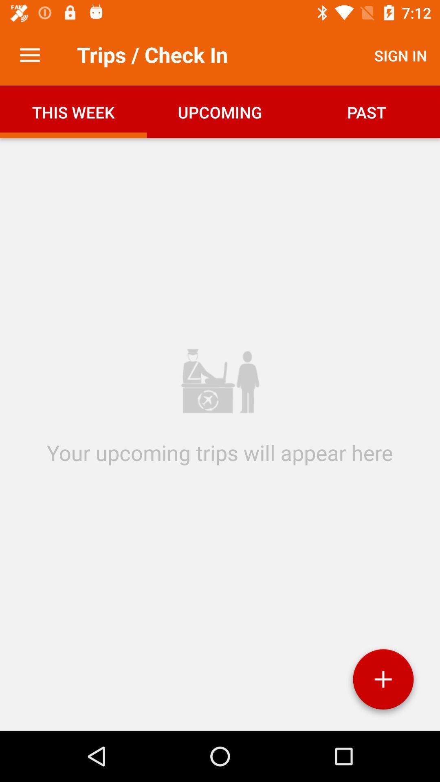 The height and width of the screenshot is (782, 440). I want to click on the icon to the right of trips / check in item, so click(400, 55).